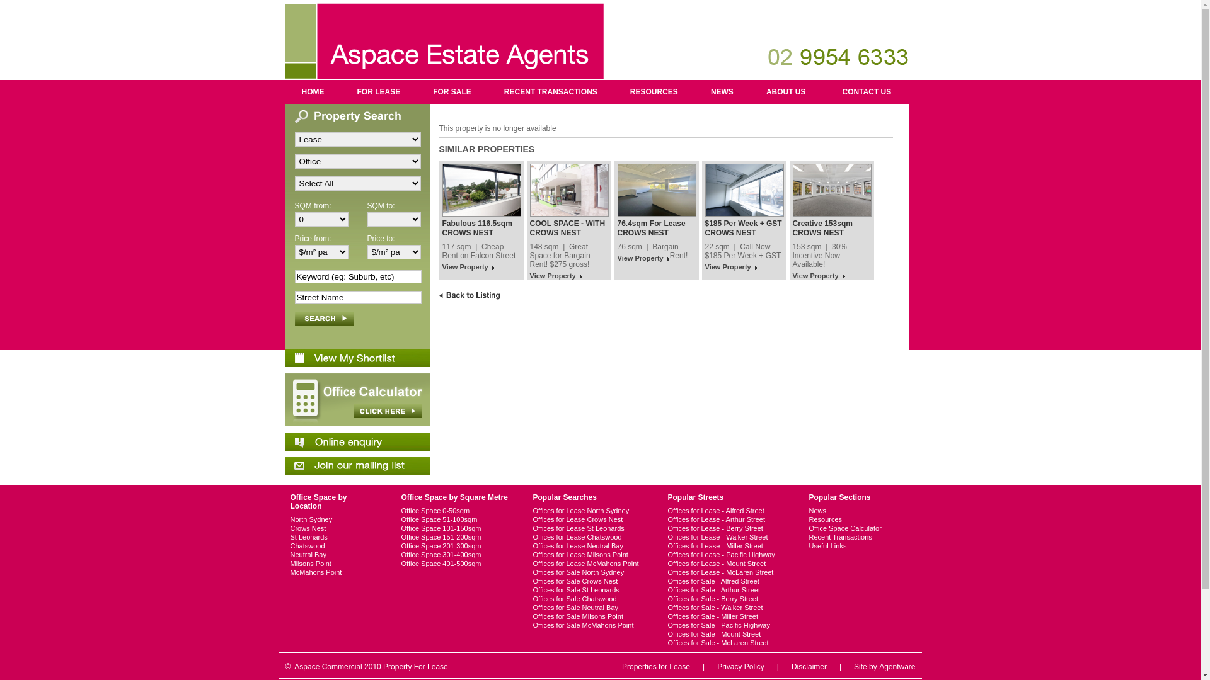 Image resolution: width=1210 pixels, height=680 pixels. I want to click on 'NEWS', so click(722, 91).